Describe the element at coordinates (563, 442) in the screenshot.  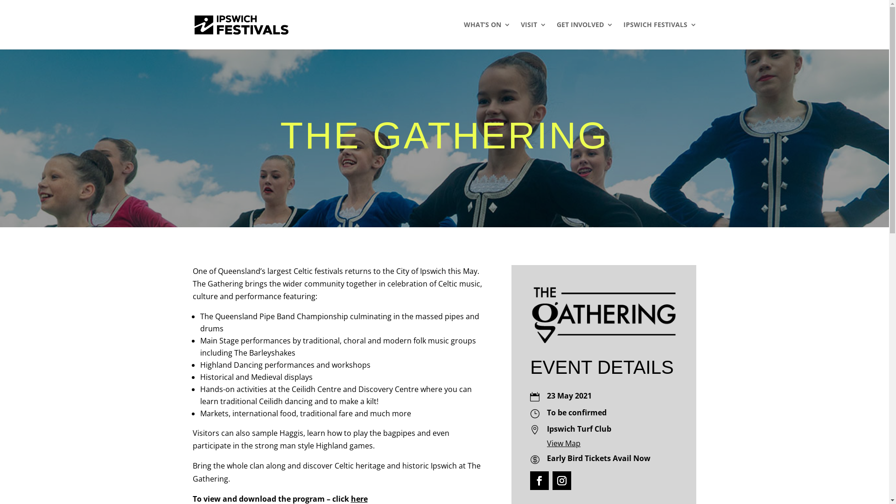
I see `'View Map'` at that location.